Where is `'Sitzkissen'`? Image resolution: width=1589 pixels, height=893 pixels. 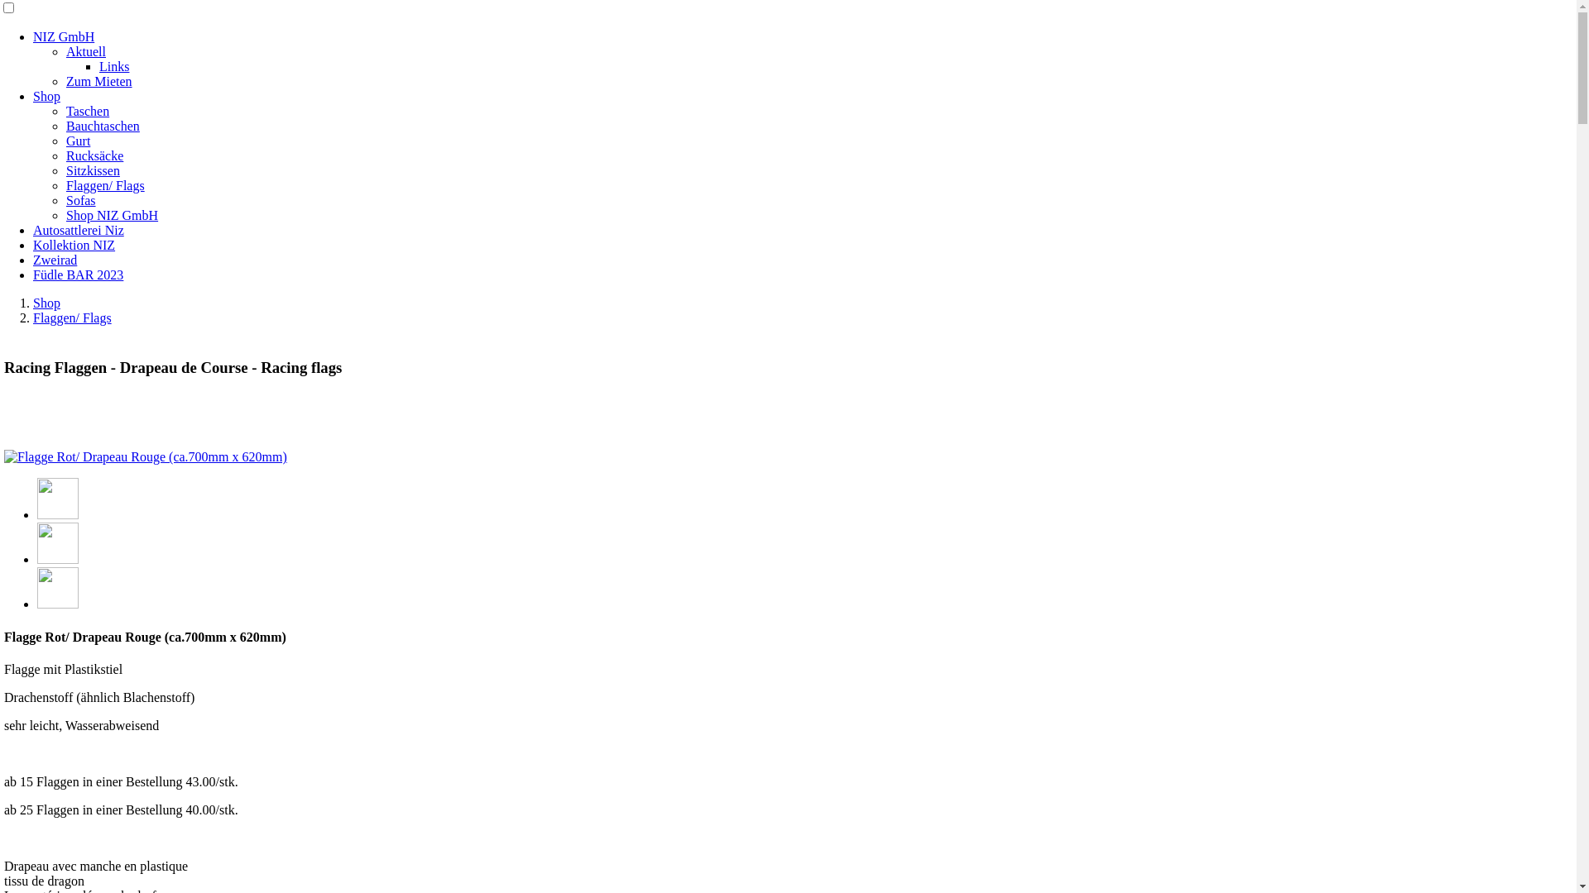
'Sitzkissen' is located at coordinates (92, 170).